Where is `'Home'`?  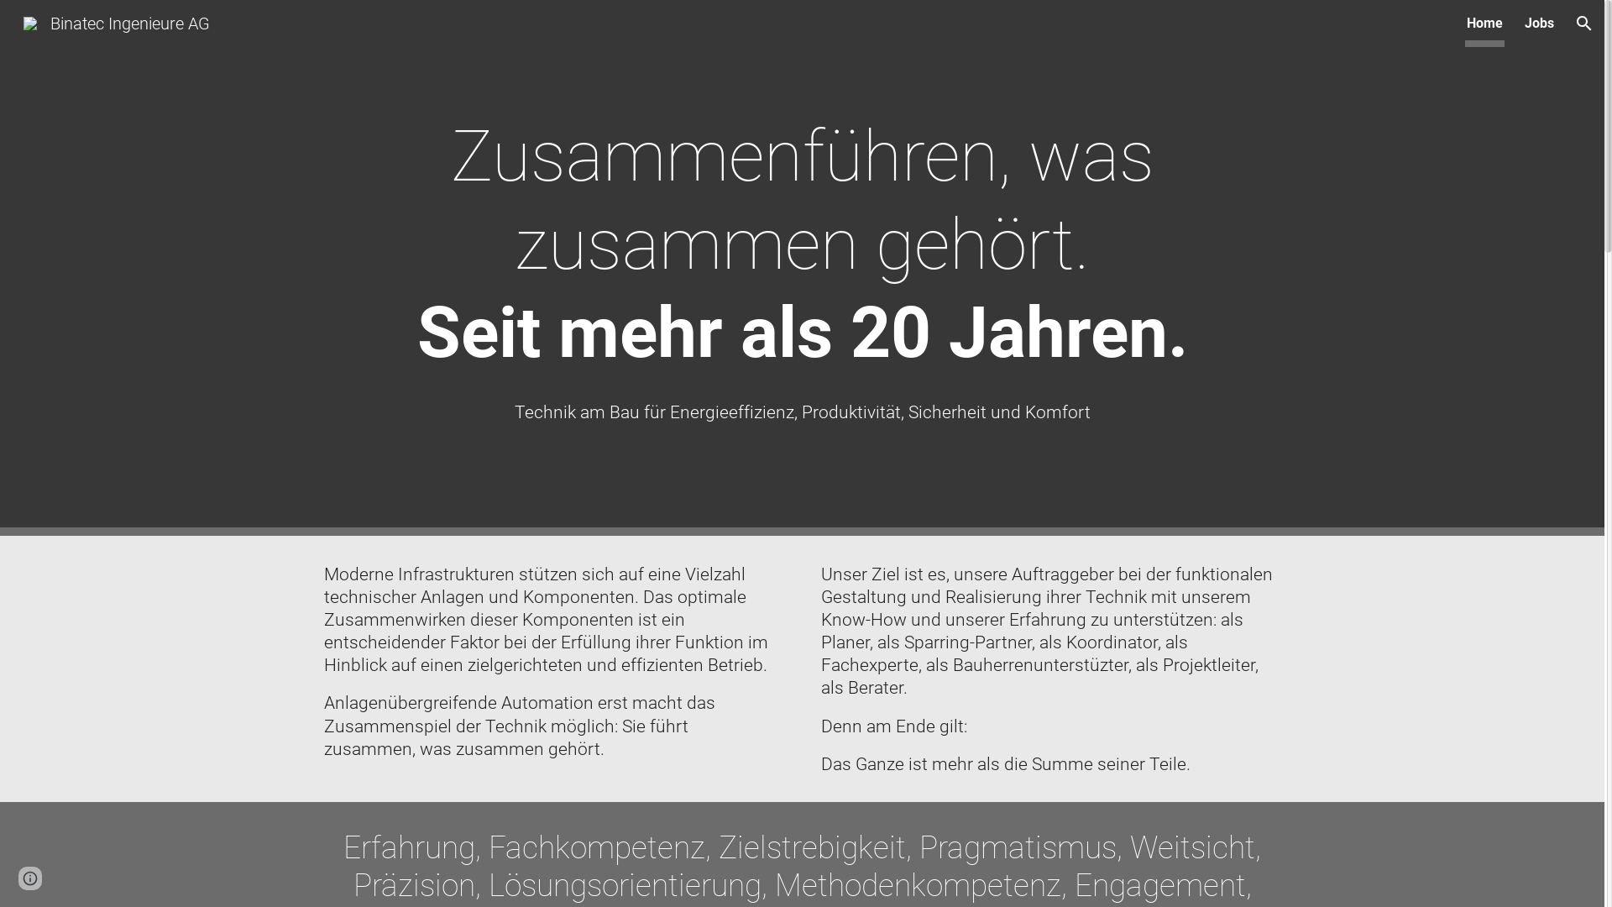
'Home' is located at coordinates (1484, 23).